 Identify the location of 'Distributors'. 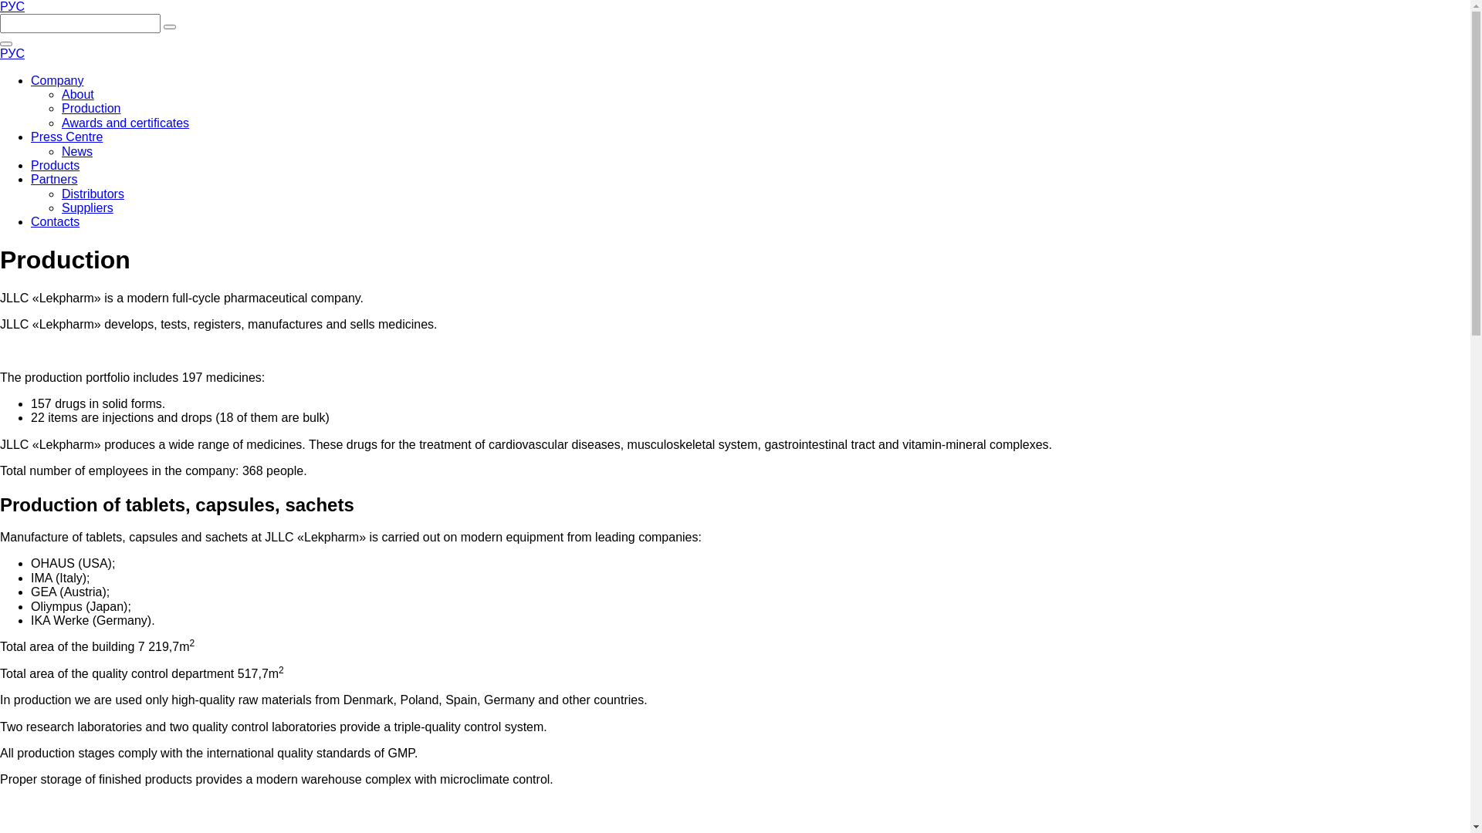
(92, 193).